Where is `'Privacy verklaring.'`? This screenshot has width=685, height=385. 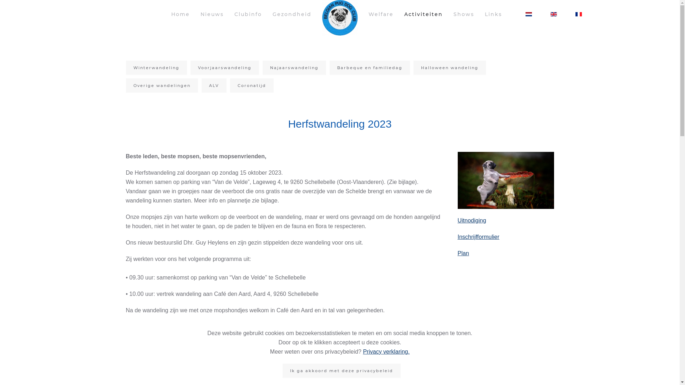 'Privacy verklaring.' is located at coordinates (386, 351).